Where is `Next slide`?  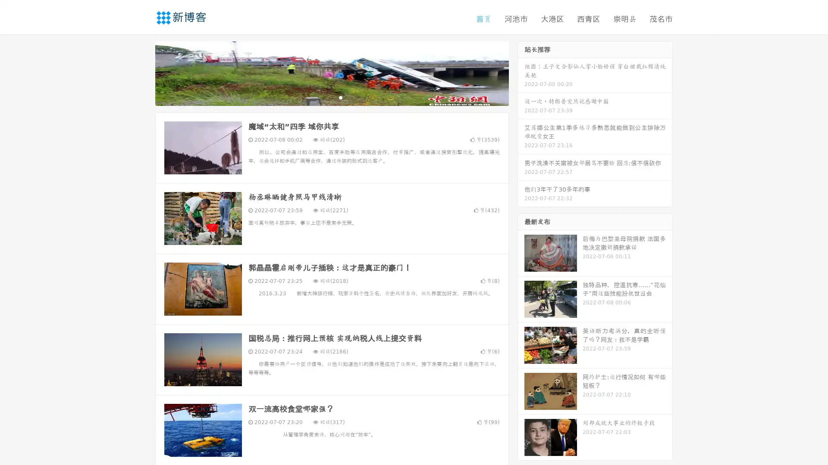
Next slide is located at coordinates (521, 72).